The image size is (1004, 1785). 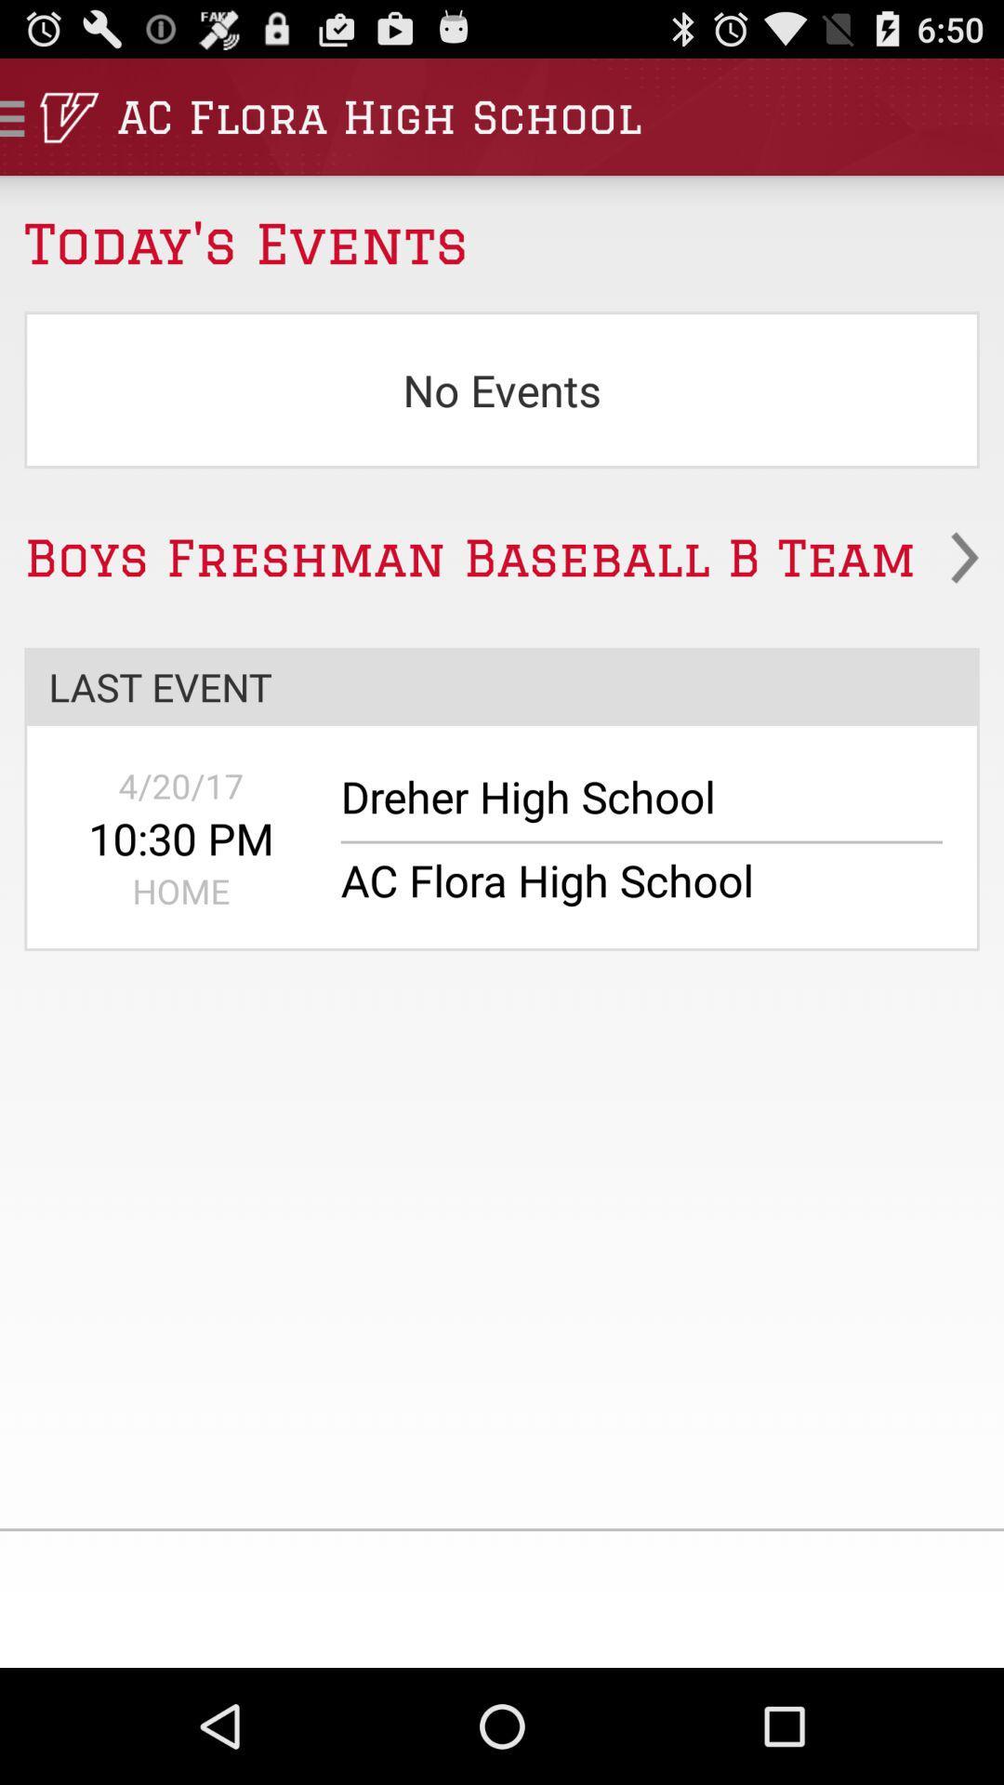 What do you see at coordinates (181, 786) in the screenshot?
I see `app to the left of the dreher high school` at bounding box center [181, 786].